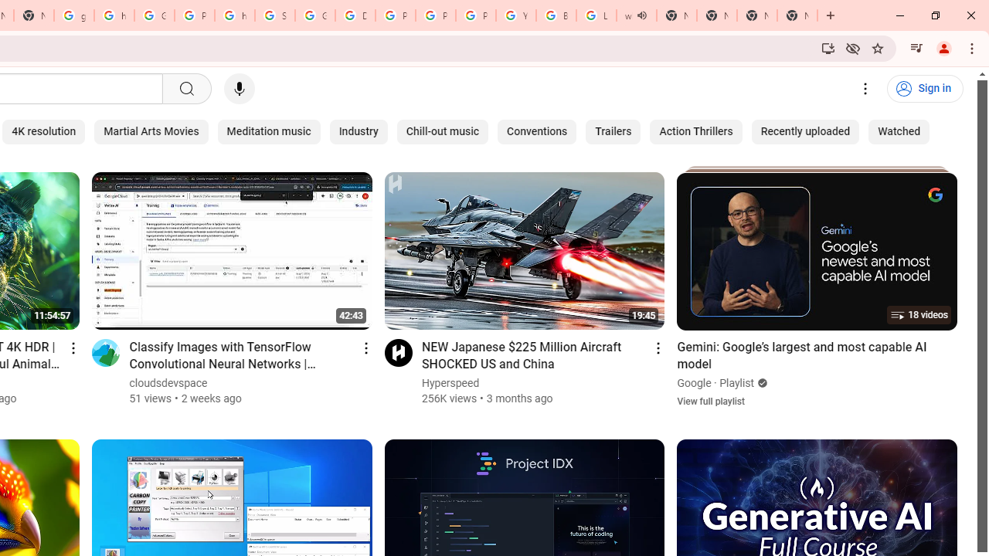 Image resolution: width=989 pixels, height=556 pixels. What do you see at coordinates (756, 15) in the screenshot?
I see `'New Tab'` at bounding box center [756, 15].